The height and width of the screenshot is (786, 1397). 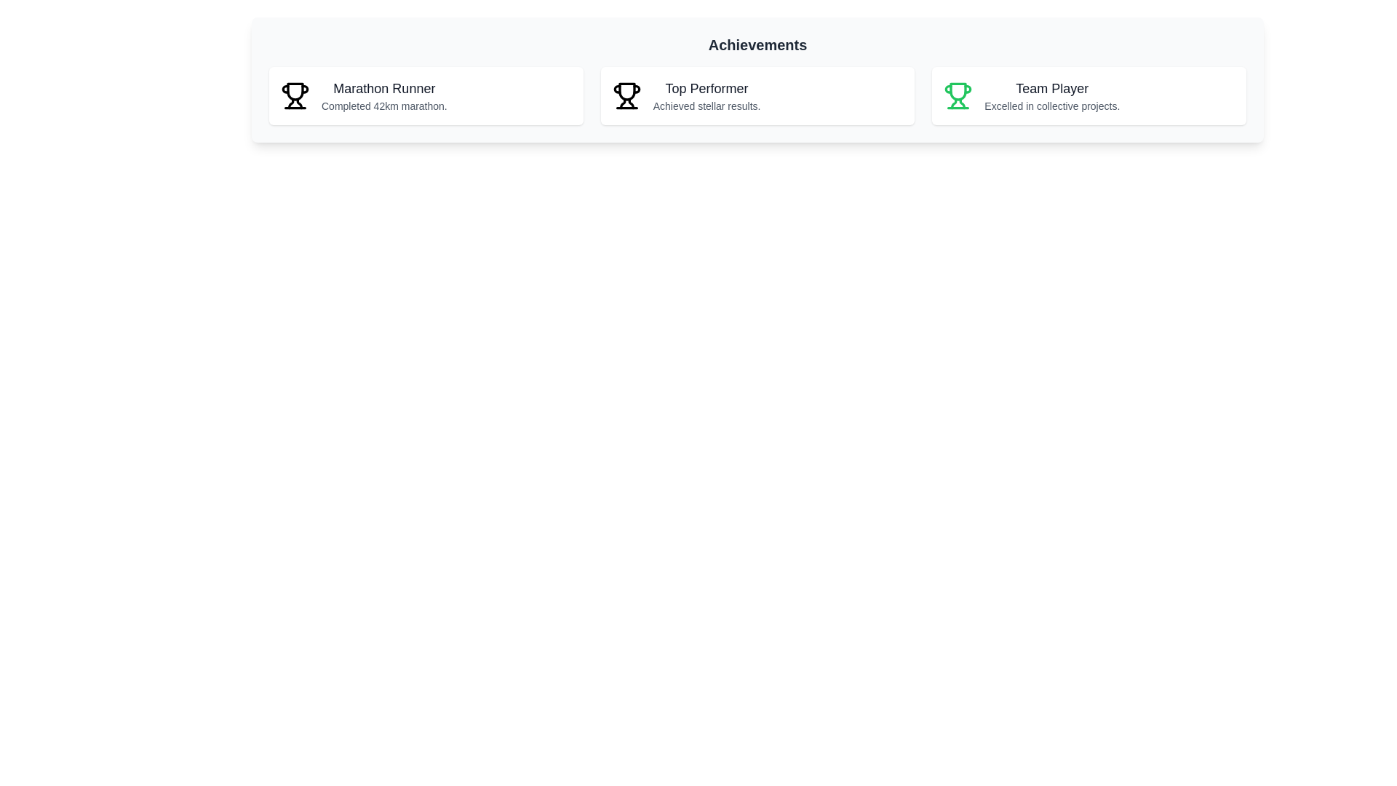 What do you see at coordinates (384, 95) in the screenshot?
I see `the text display component that shows 'Marathon Runner' and 'Completed 42km marathon.' in the leftmost section of the three horizontally aligned sections` at bounding box center [384, 95].